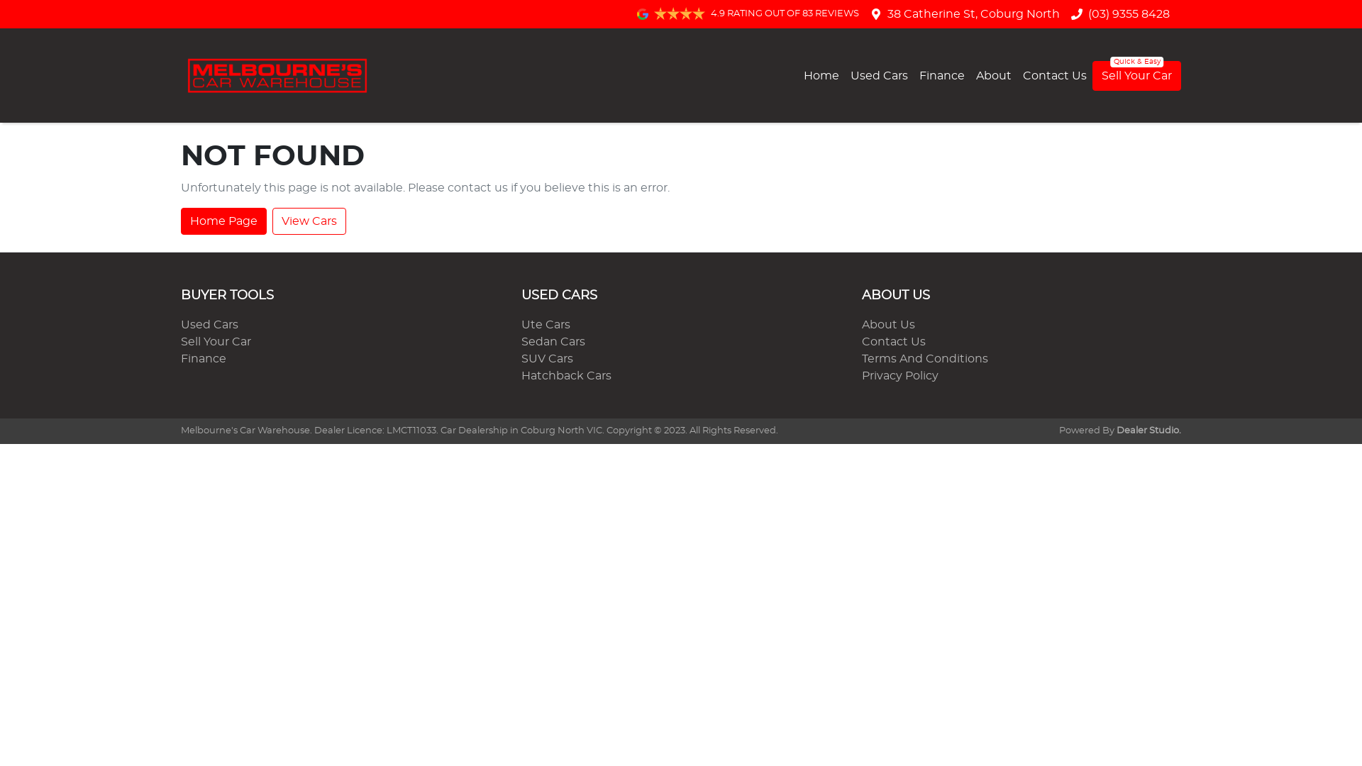 The image size is (1362, 766). Describe the element at coordinates (1148, 430) in the screenshot. I see `'Dealer Studio.'` at that location.